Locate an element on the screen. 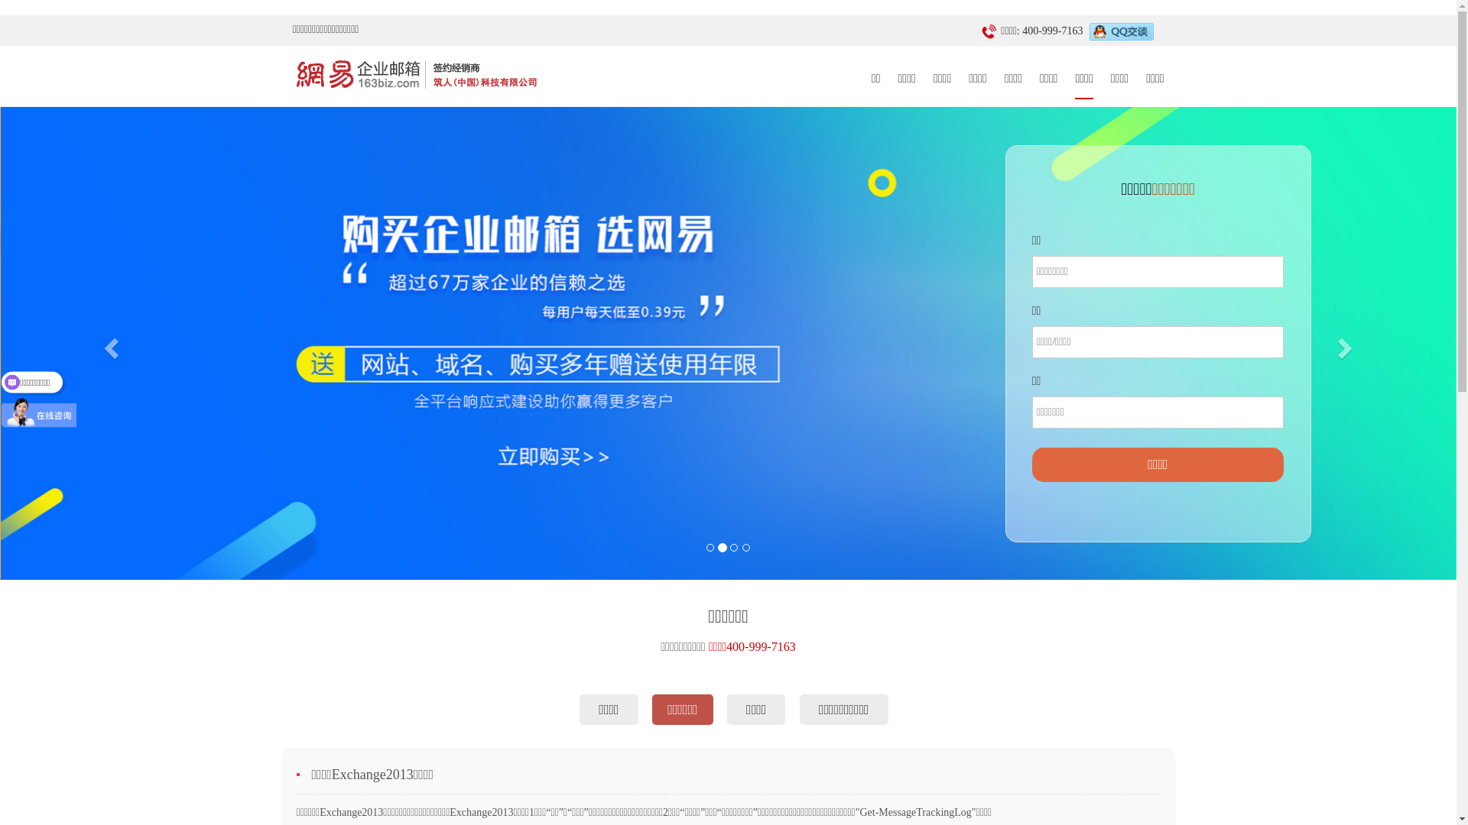  'Previous' is located at coordinates (109, 342).